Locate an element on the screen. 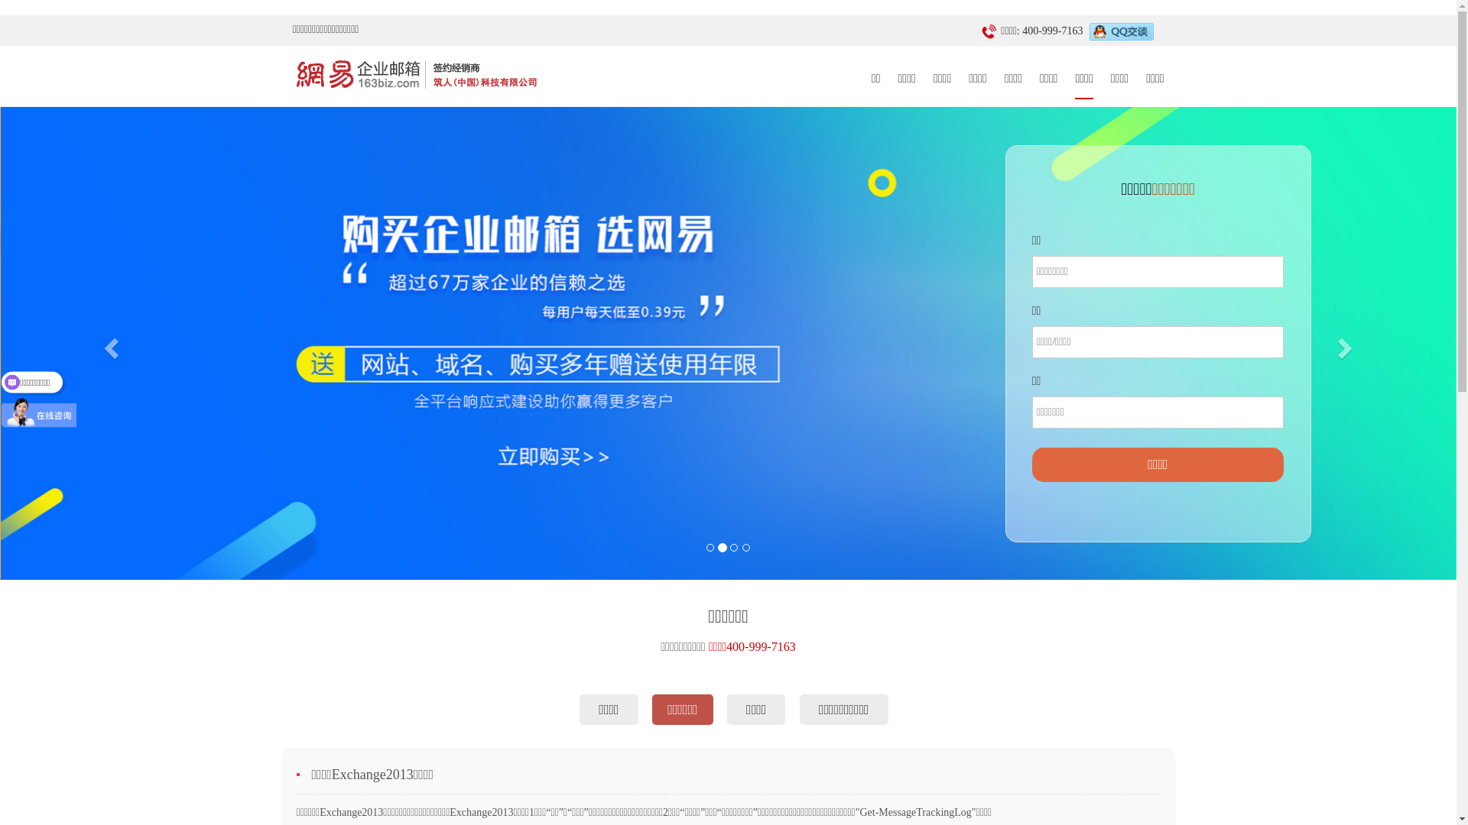  'Previous' is located at coordinates (109, 342).